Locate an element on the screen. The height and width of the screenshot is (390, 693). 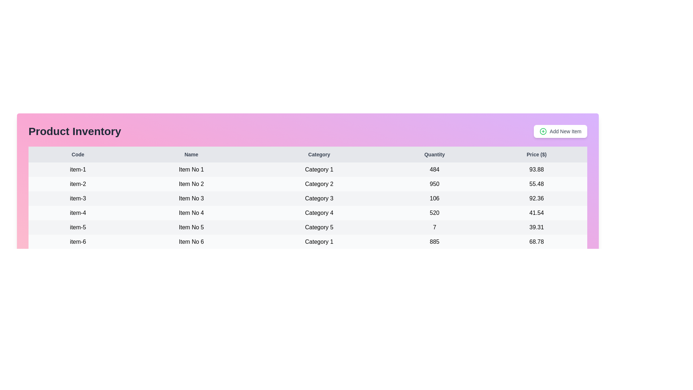
the table header Price ($) to observe sorting functionality is located at coordinates (536, 154).